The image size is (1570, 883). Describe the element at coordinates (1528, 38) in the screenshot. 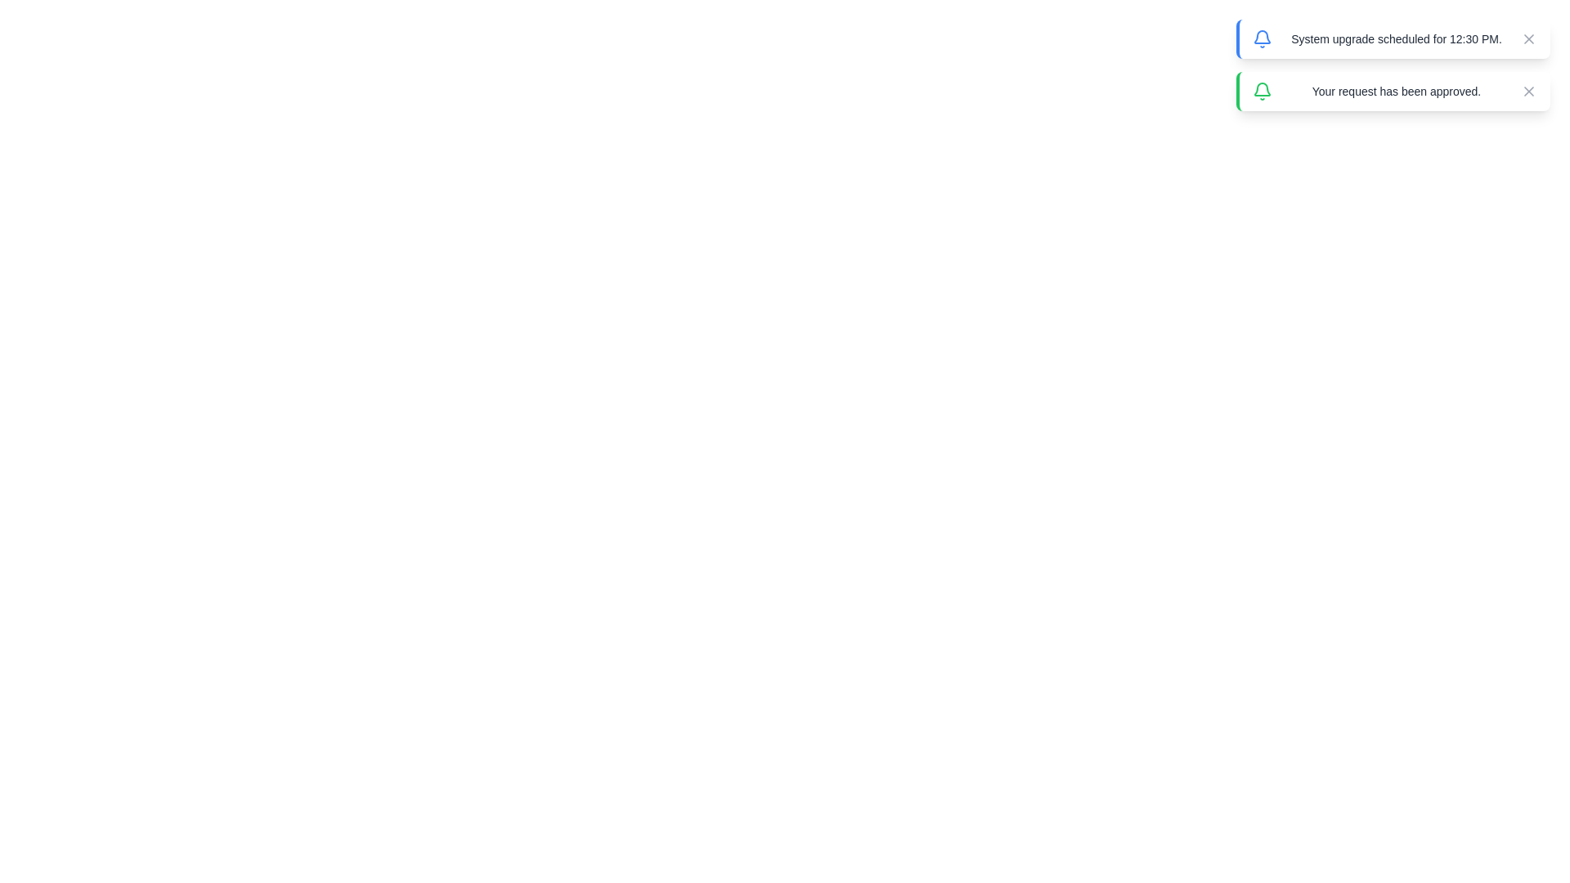

I see `the close button of the notification to remove it` at that location.